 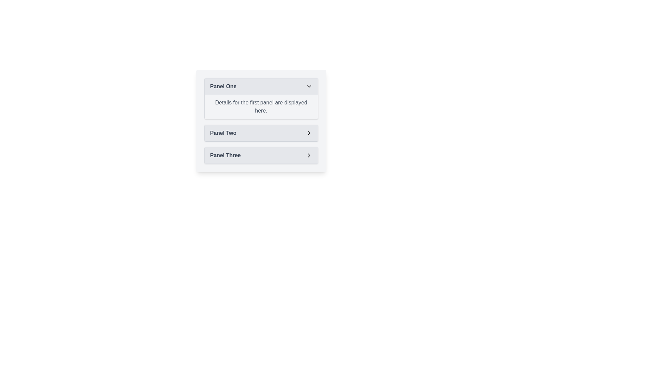 What do you see at coordinates (308, 155) in the screenshot?
I see `the chevron icon representing the navigational function for 'Panel Three'` at bounding box center [308, 155].